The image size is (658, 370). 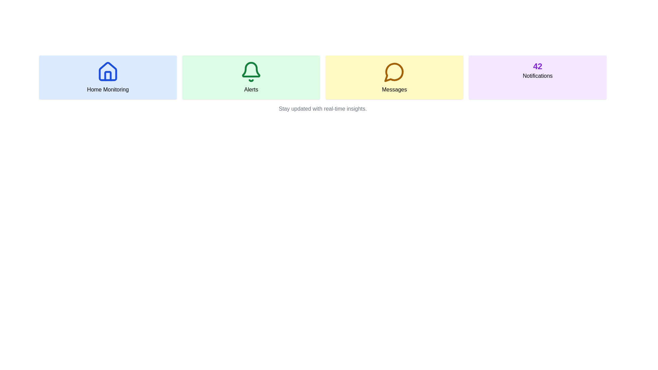 I want to click on the house icon, which is outlined in blue and has a light blue background, located in the top row of the grid layout, so click(x=108, y=72).